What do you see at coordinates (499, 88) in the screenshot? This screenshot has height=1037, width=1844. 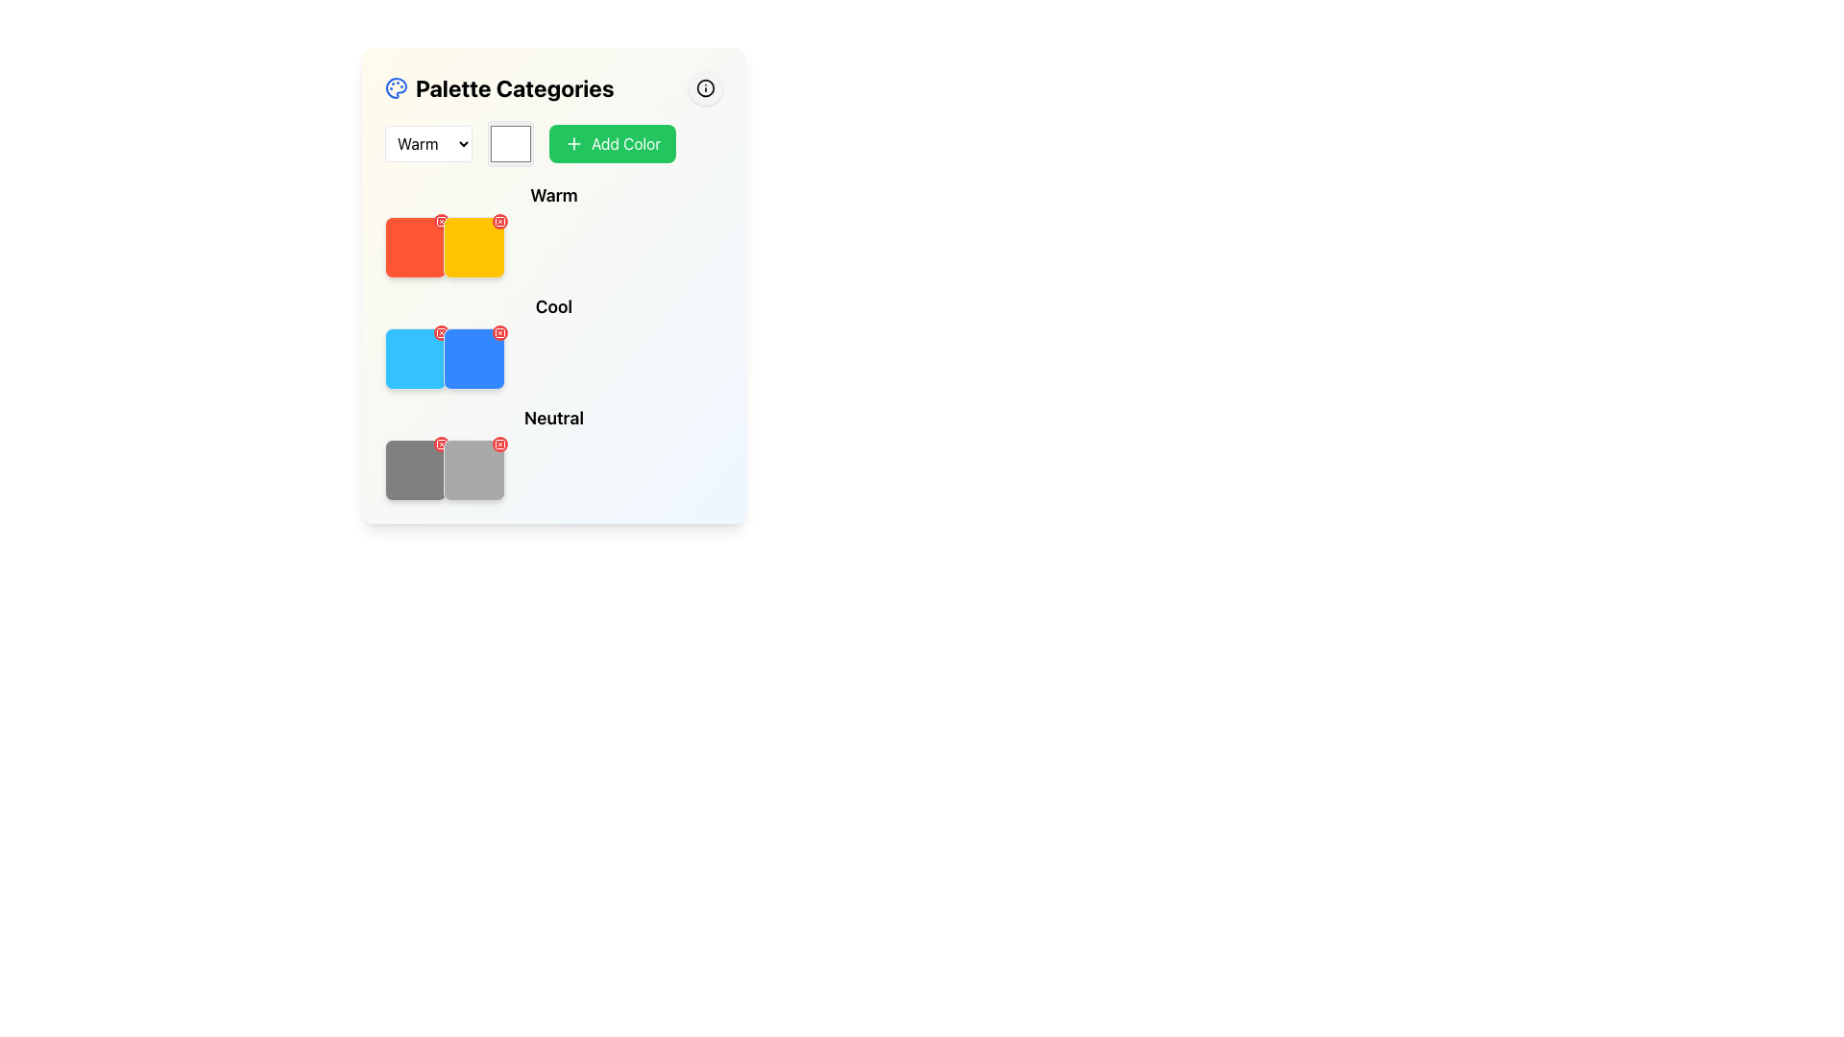 I see `the Text Heading located at the top-left corner of the section, which provides context for the content below` at bounding box center [499, 88].